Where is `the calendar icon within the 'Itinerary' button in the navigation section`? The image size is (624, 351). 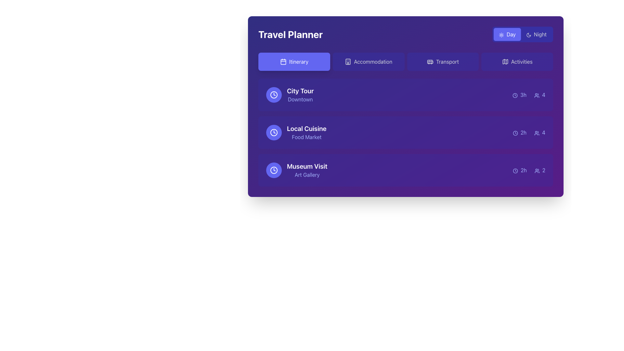 the calendar icon within the 'Itinerary' button in the navigation section is located at coordinates (283, 61).